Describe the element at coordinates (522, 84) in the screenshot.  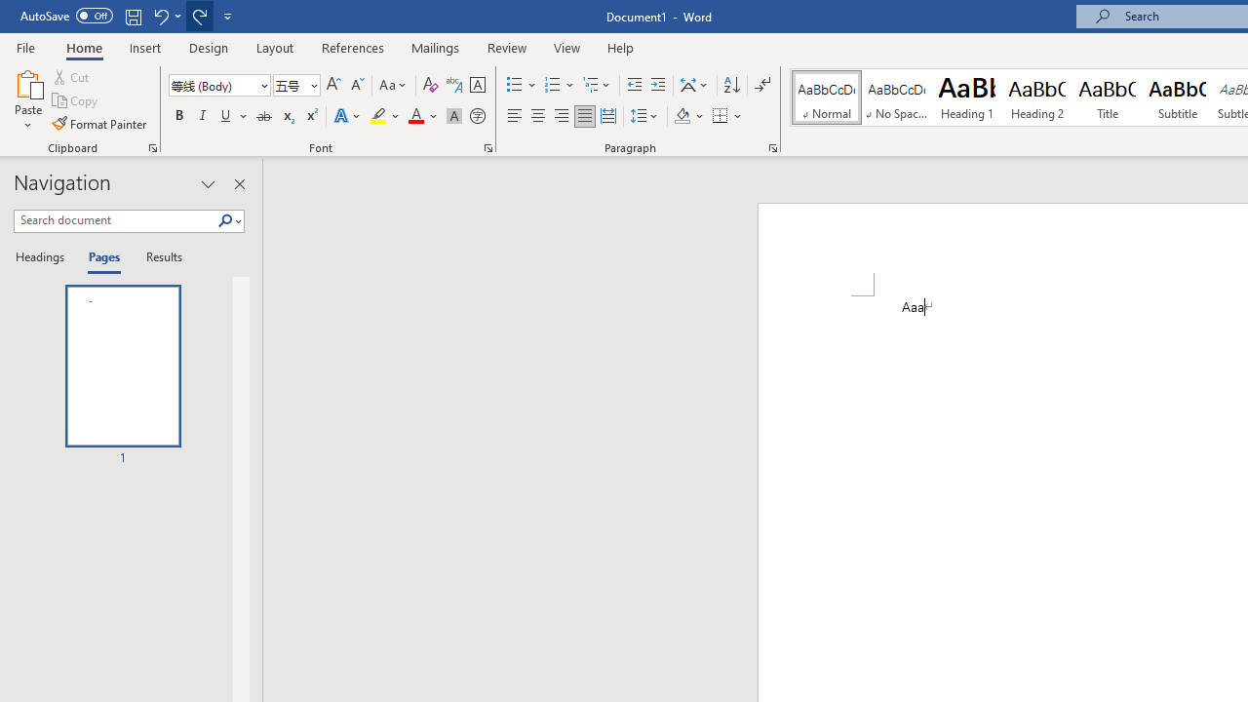
I see `'Bullets'` at that location.